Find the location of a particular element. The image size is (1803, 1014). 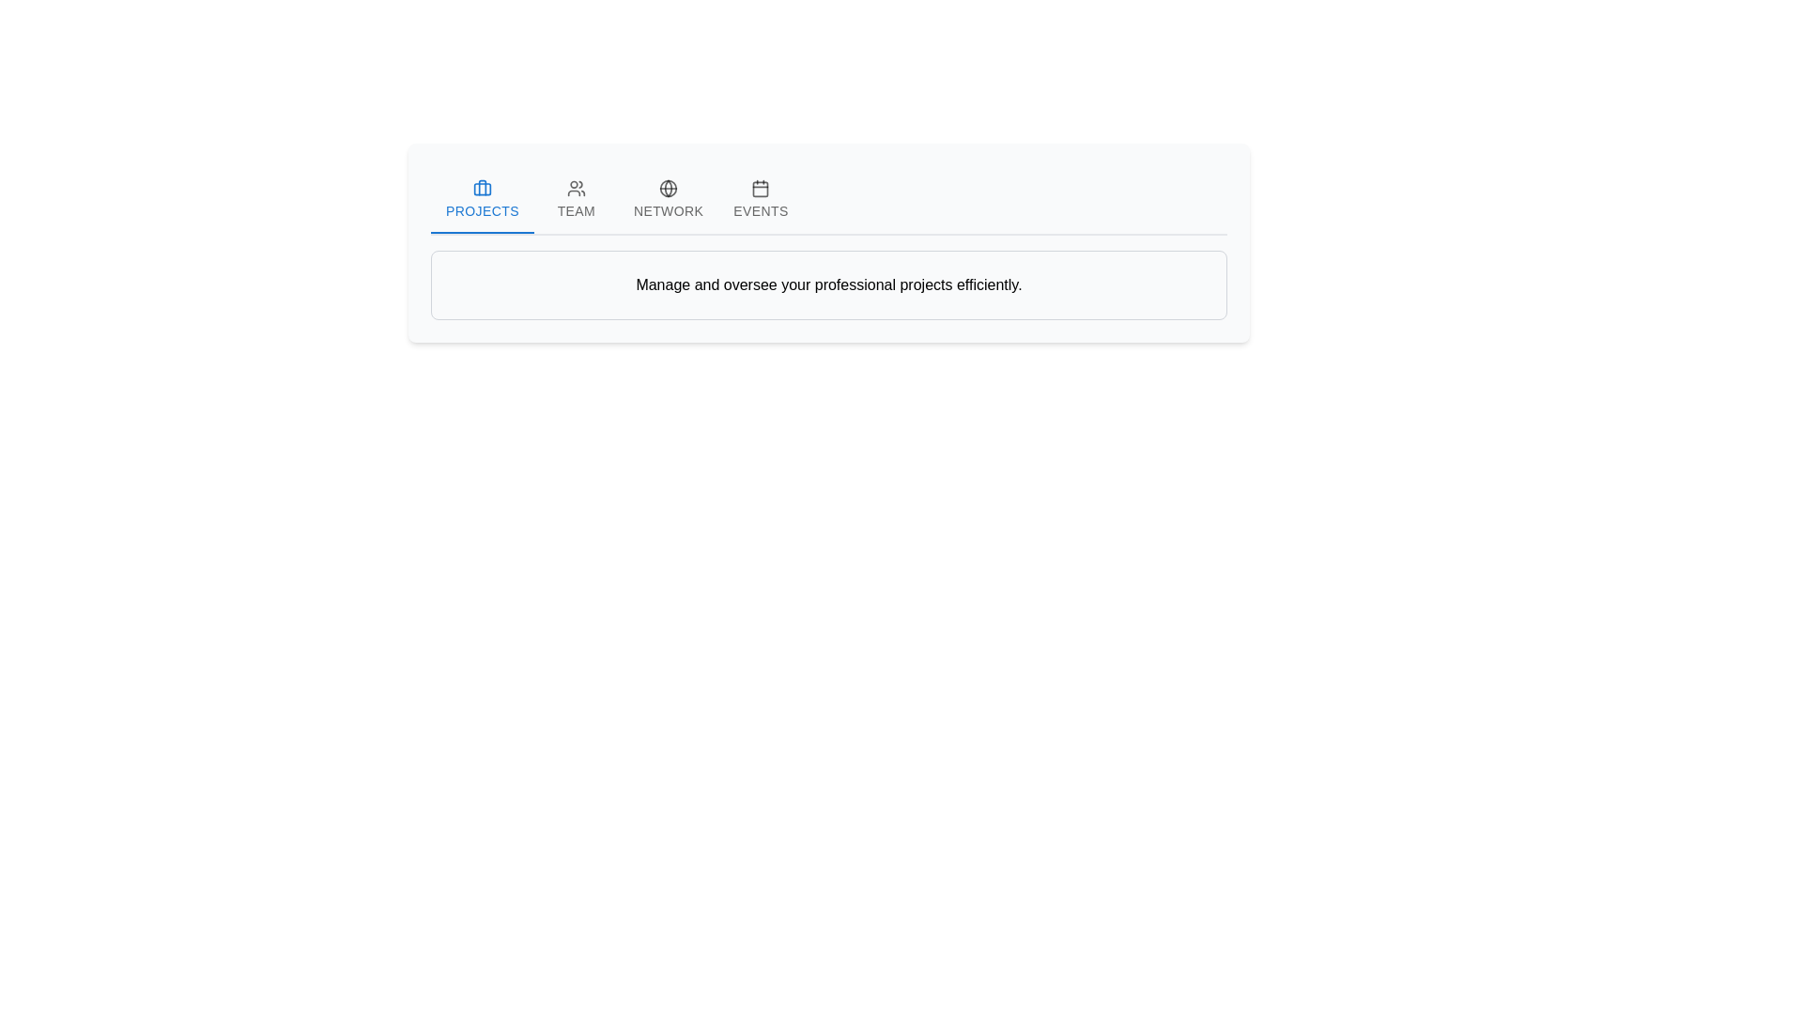

the 'Network' tab which contains the globe icon representing connectivity is located at coordinates (669, 189).